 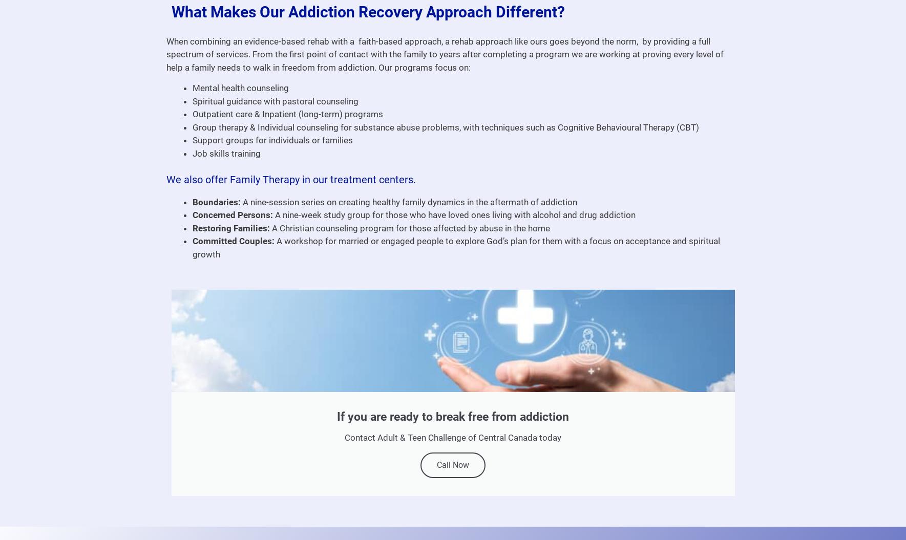 What do you see at coordinates (225, 152) in the screenshot?
I see `'Job skills training'` at bounding box center [225, 152].